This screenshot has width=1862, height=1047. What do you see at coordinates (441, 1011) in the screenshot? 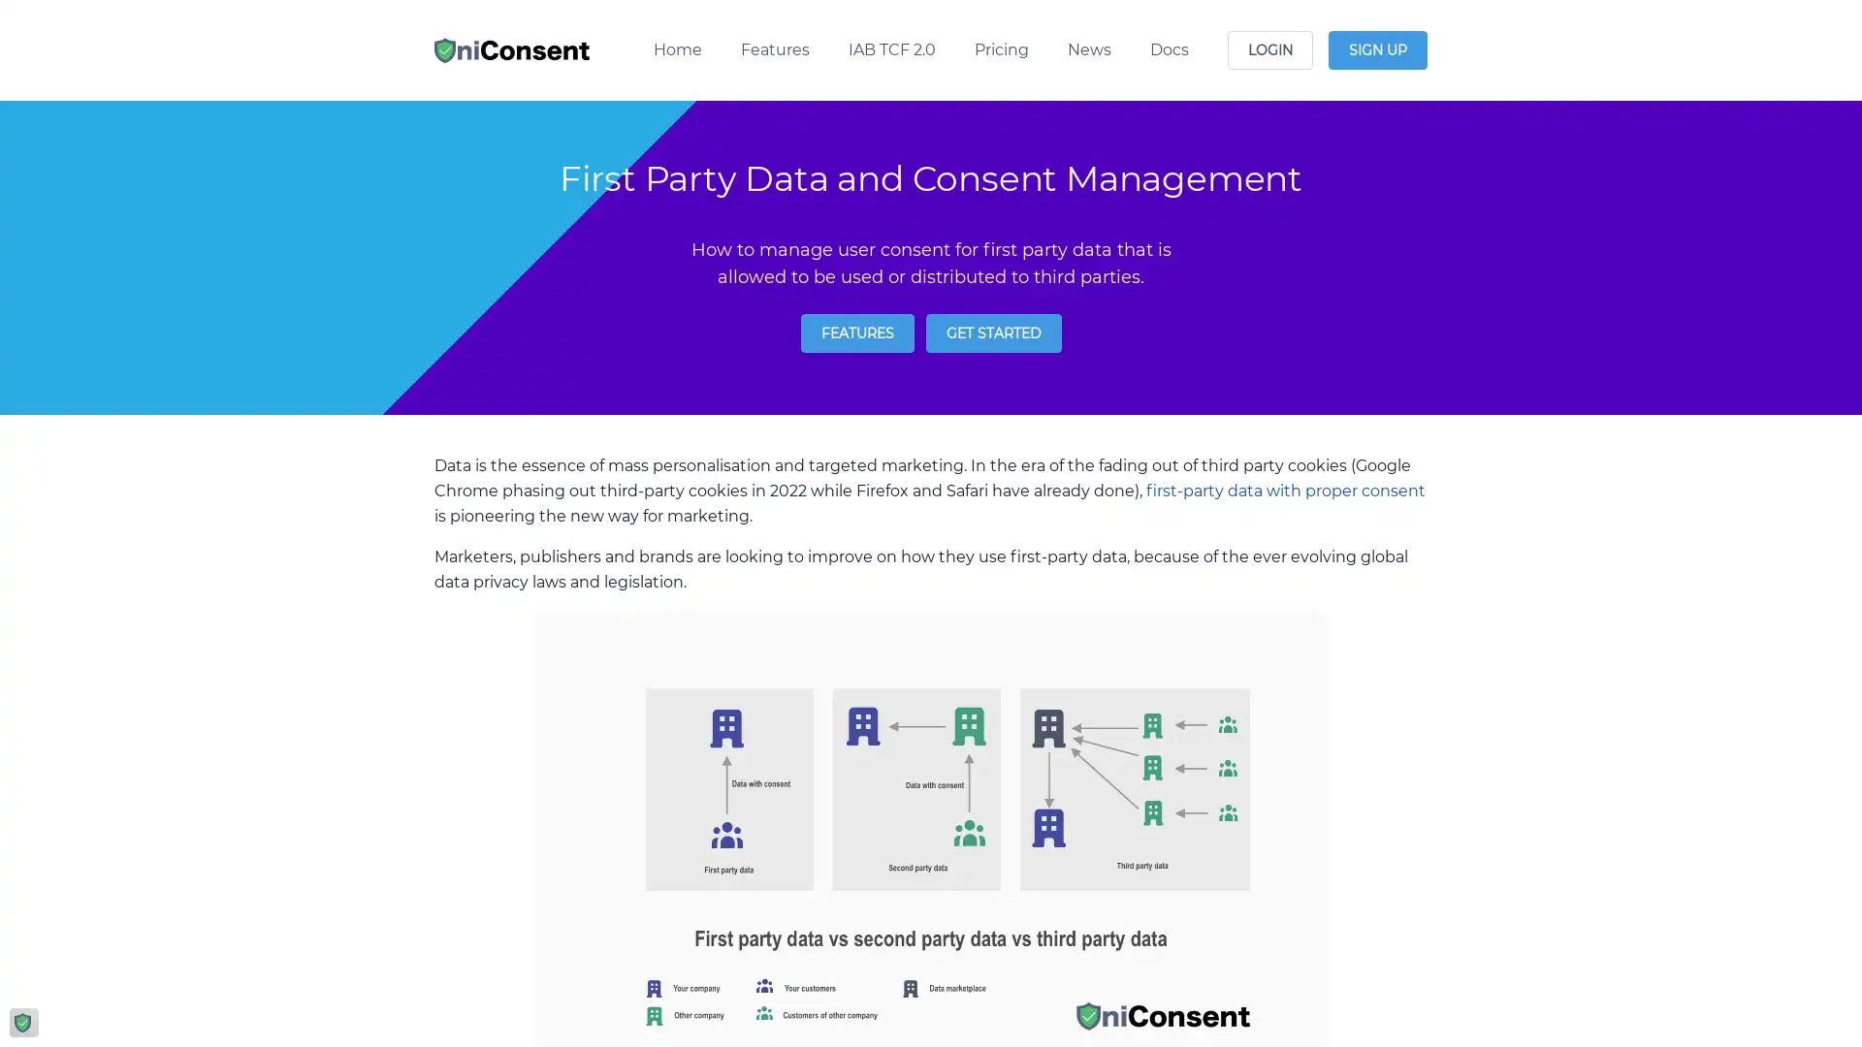
I see `Agree and proceed` at bounding box center [441, 1011].